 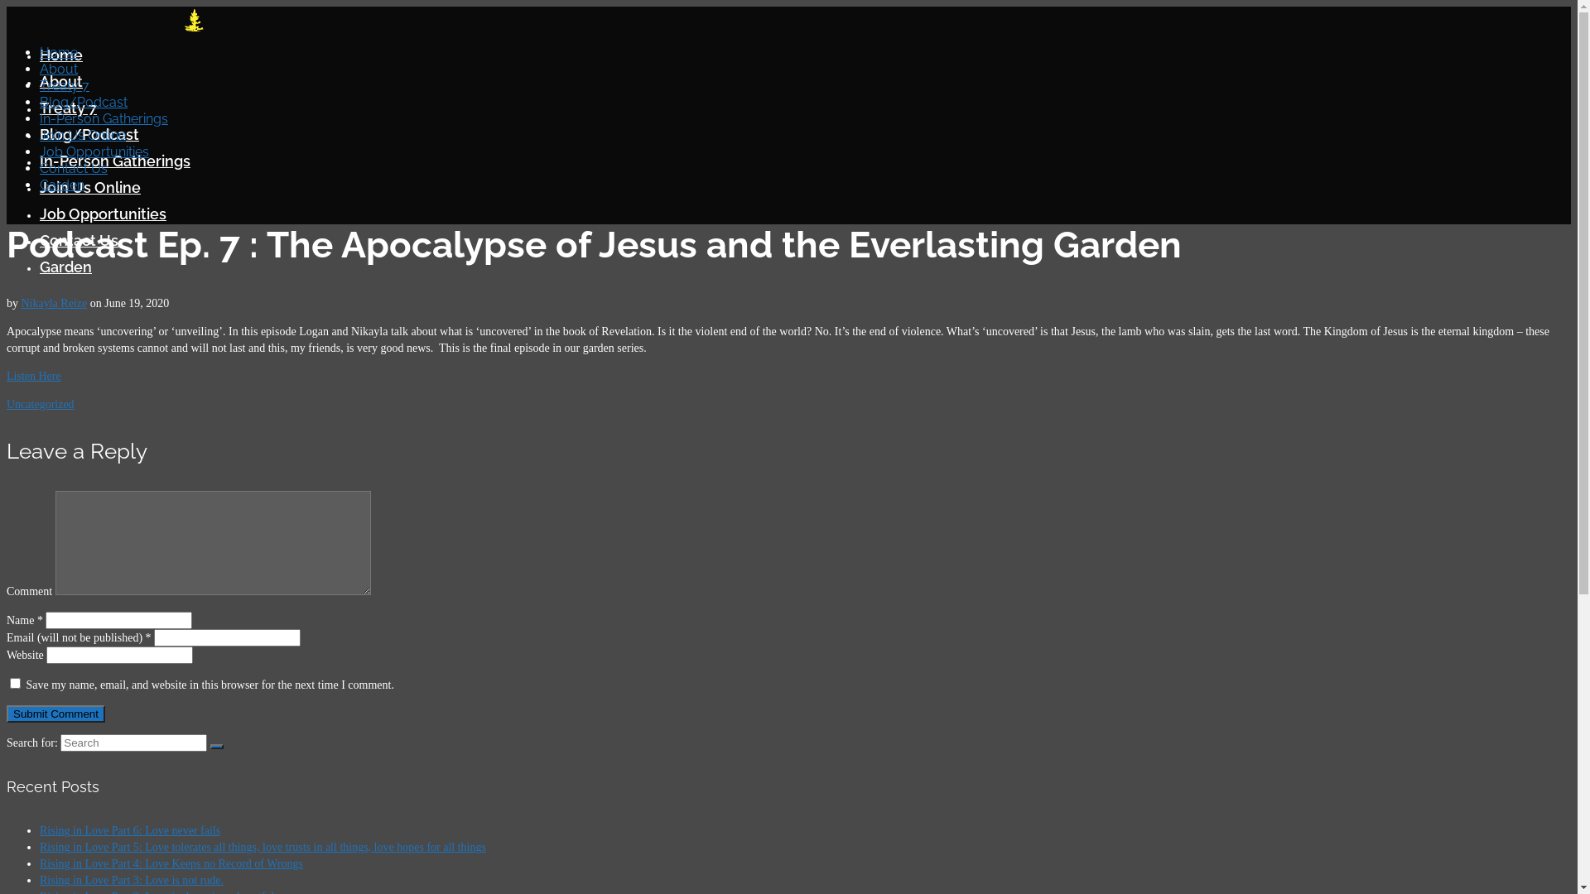 What do you see at coordinates (60, 81) in the screenshot?
I see `'About'` at bounding box center [60, 81].